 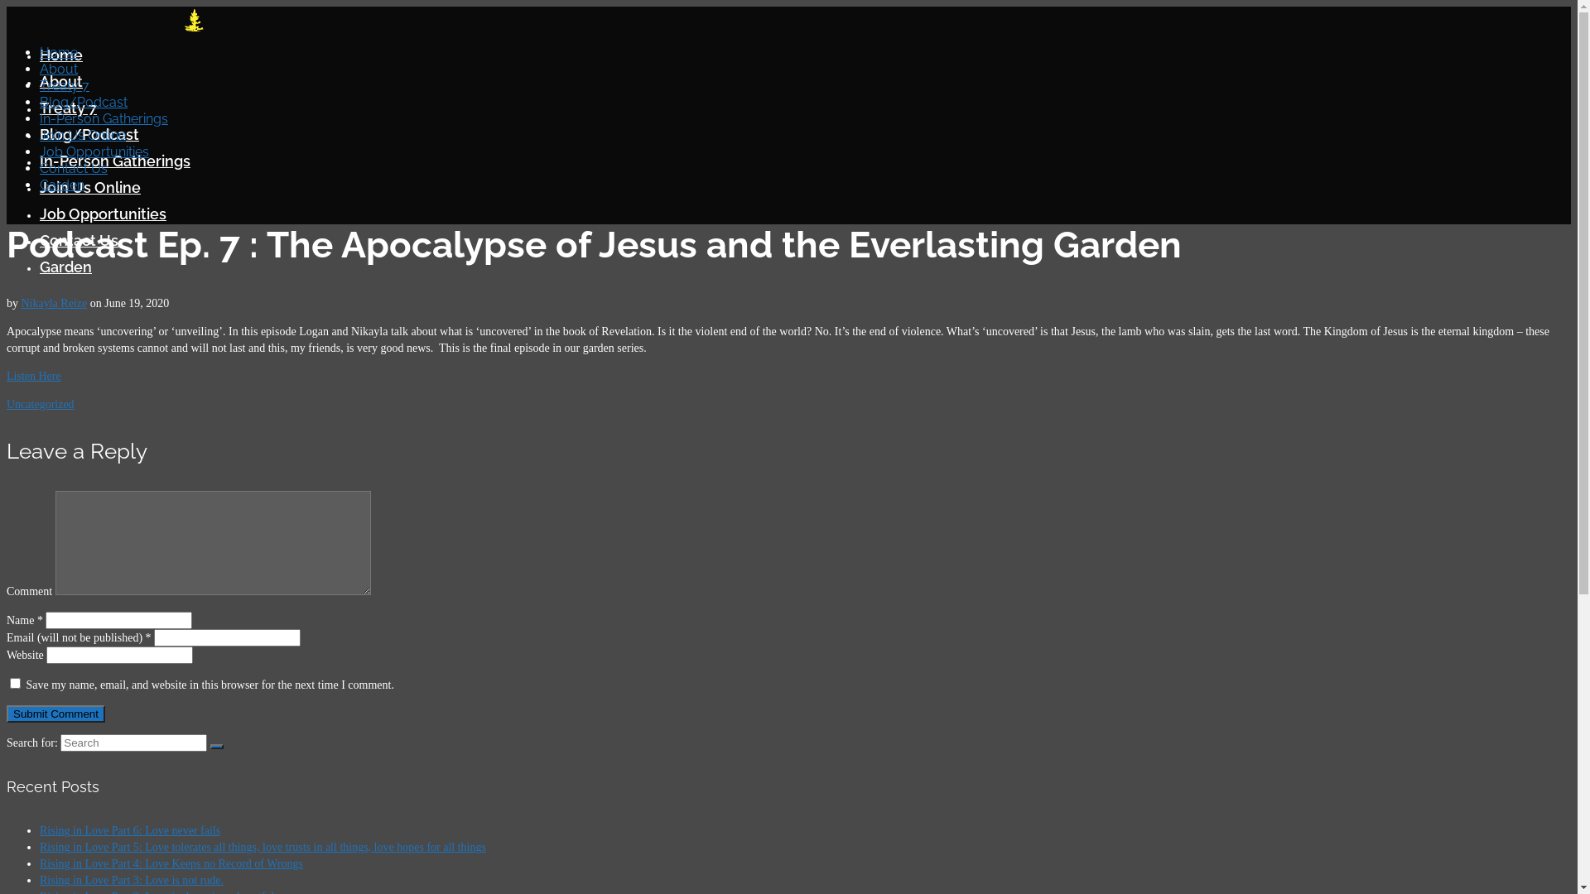 What do you see at coordinates (60, 81) in the screenshot?
I see `'About'` at bounding box center [60, 81].